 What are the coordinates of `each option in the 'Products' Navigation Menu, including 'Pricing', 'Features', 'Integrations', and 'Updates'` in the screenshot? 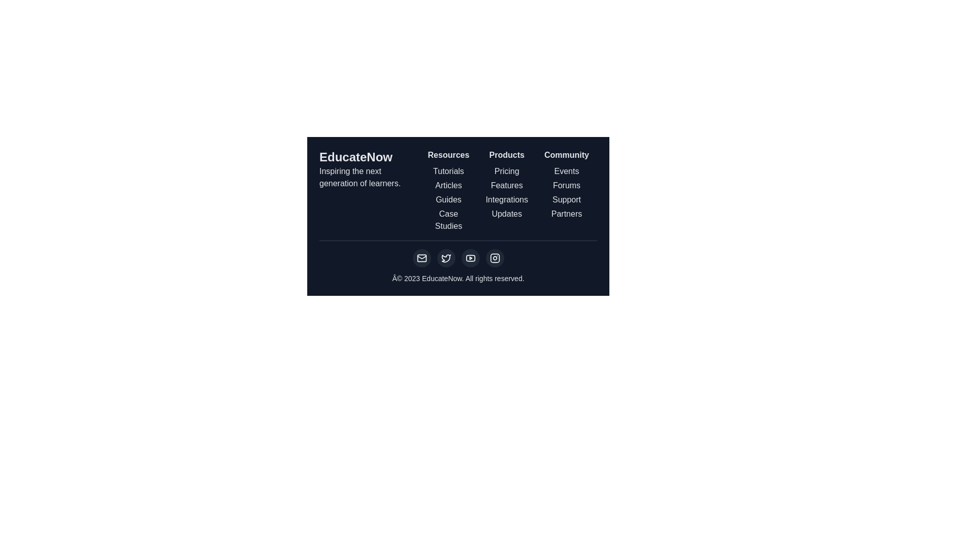 It's located at (507, 190).